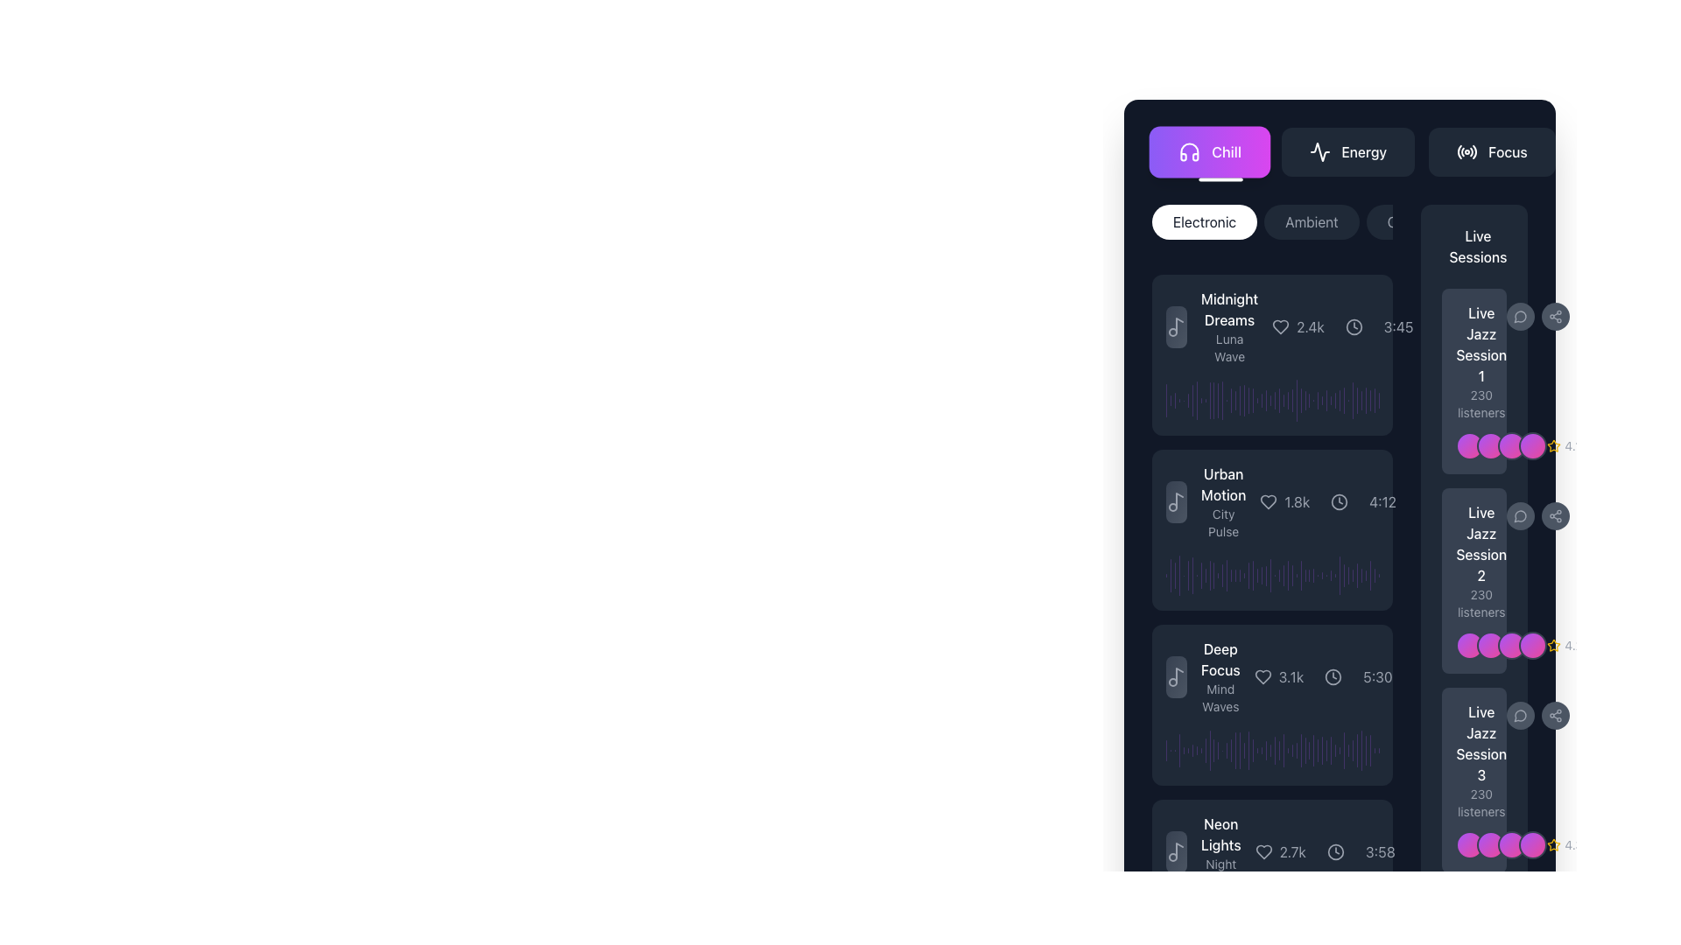  I want to click on the informational text label displaying the number of current listeners for the 'Live Jazz Session 3', which is located directly below the session title in the right-hand sidebar, so click(1481, 803).